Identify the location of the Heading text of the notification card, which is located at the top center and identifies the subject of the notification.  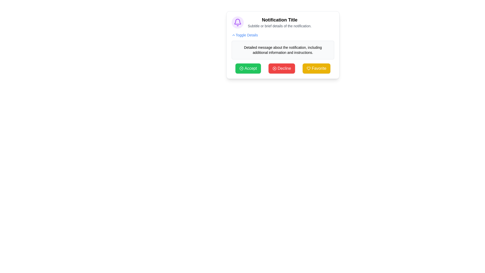
(279, 19).